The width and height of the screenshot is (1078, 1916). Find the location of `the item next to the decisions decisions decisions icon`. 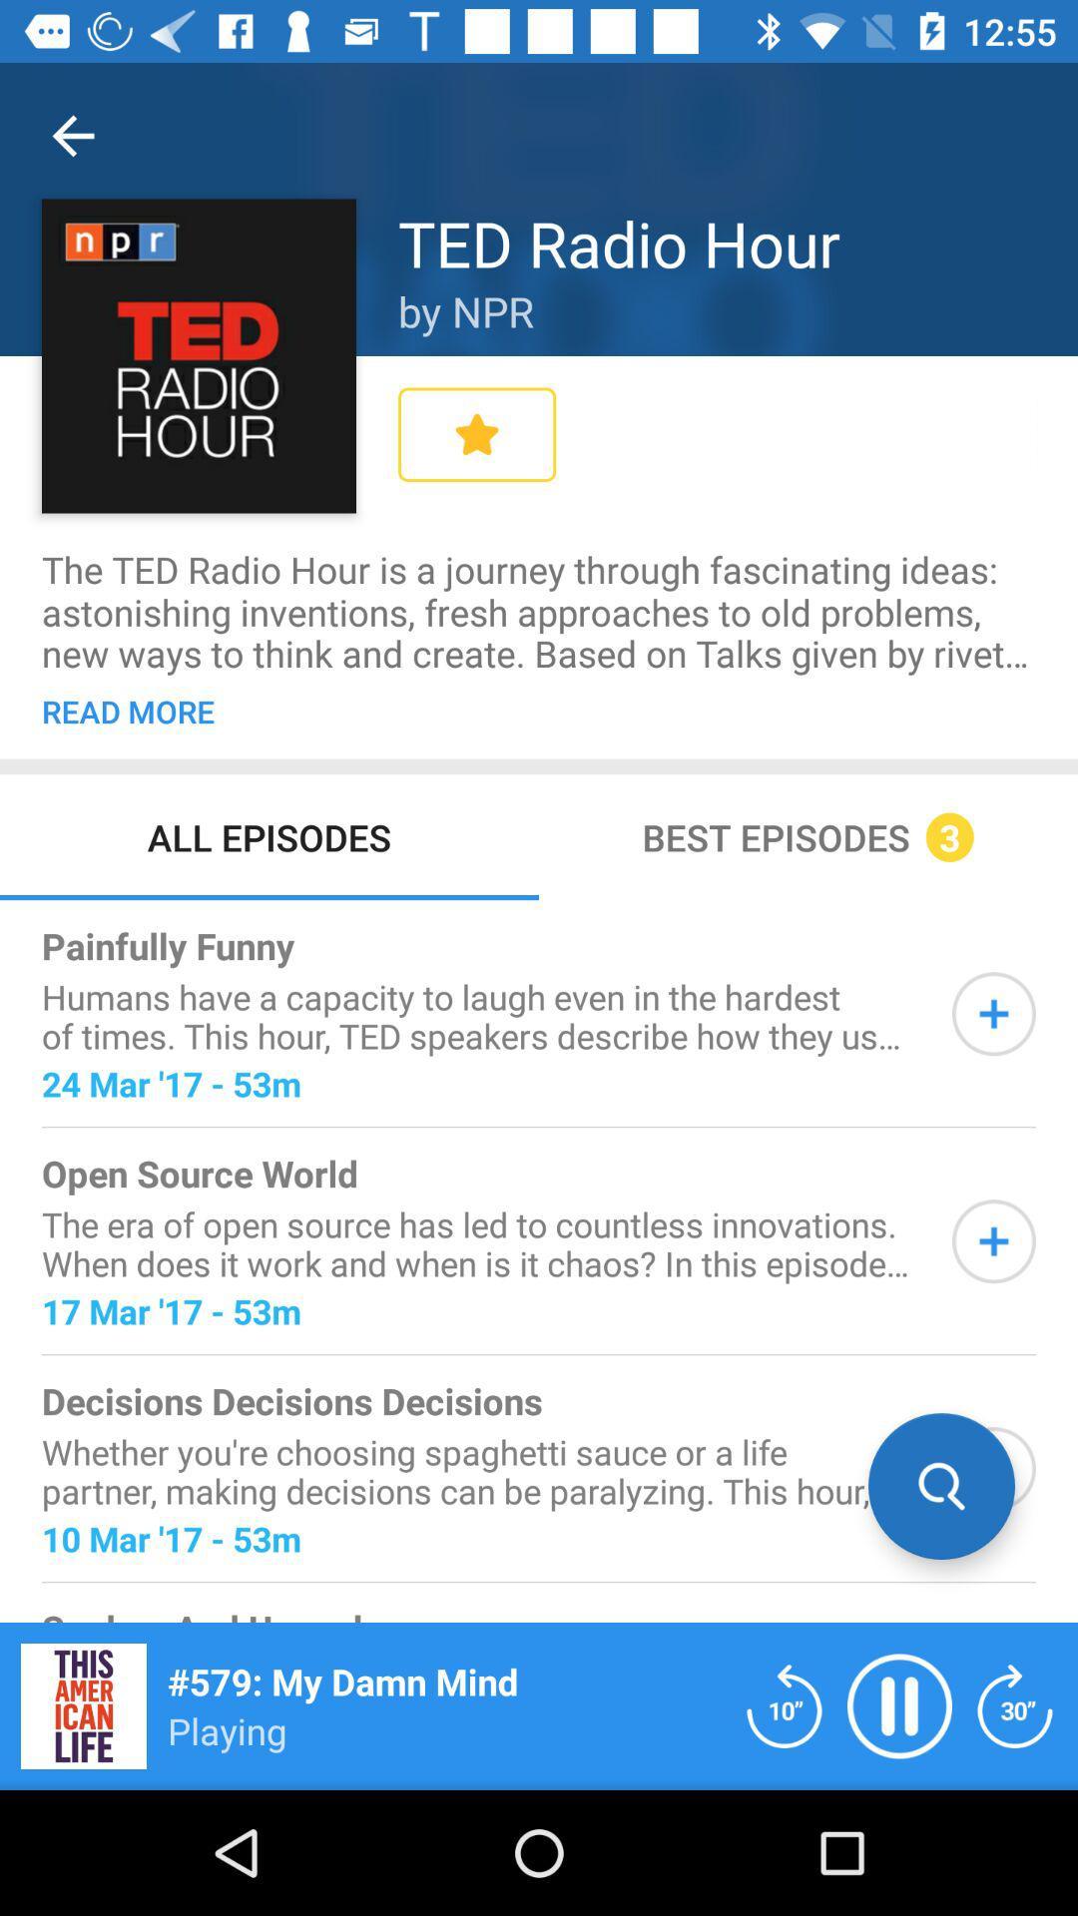

the item next to the decisions decisions decisions icon is located at coordinates (941, 1486).